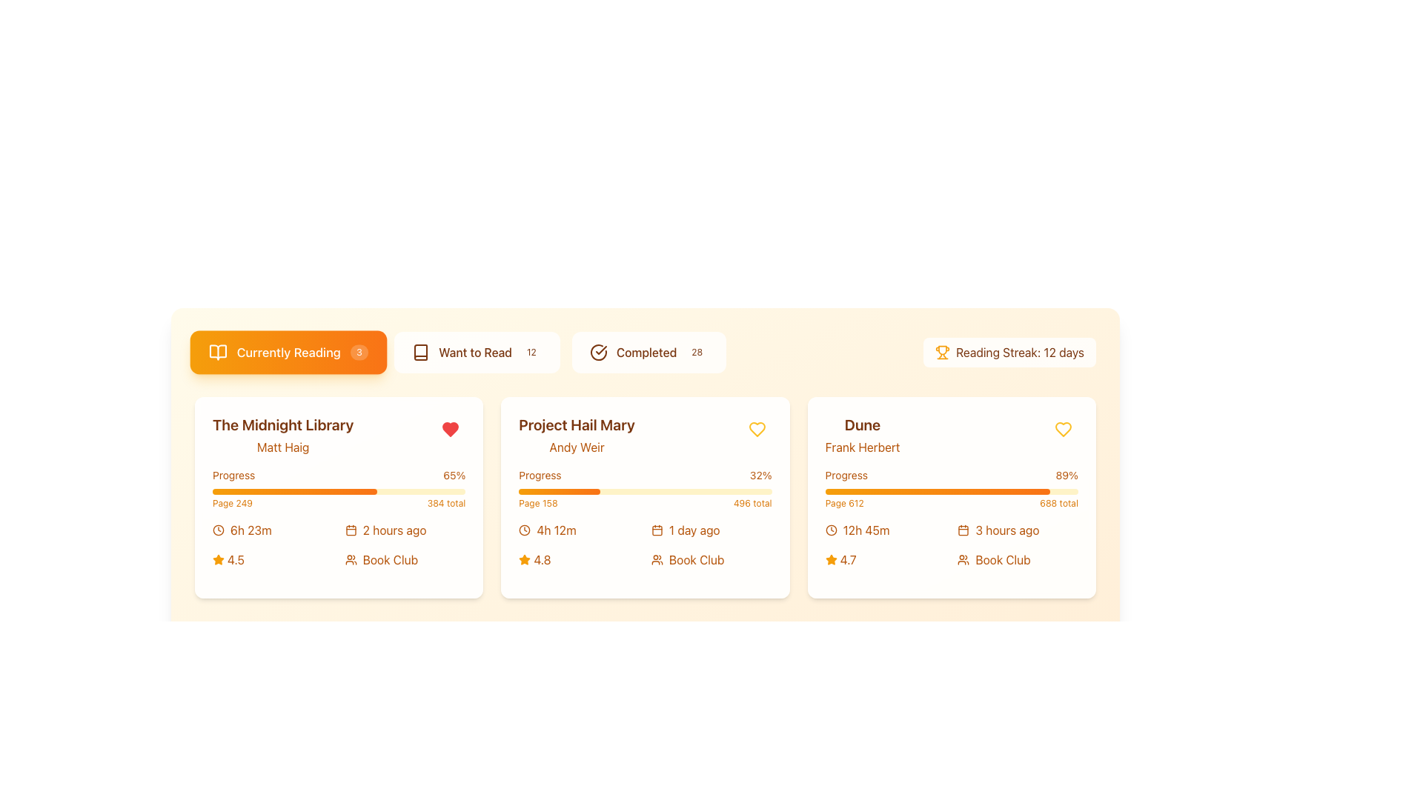  I want to click on the visual indicator icon representing the 'Currently Reading' section, located at the top-left of the interface, adjacent to the text 'Currently Reading' and the numeral '3', so click(217, 352).